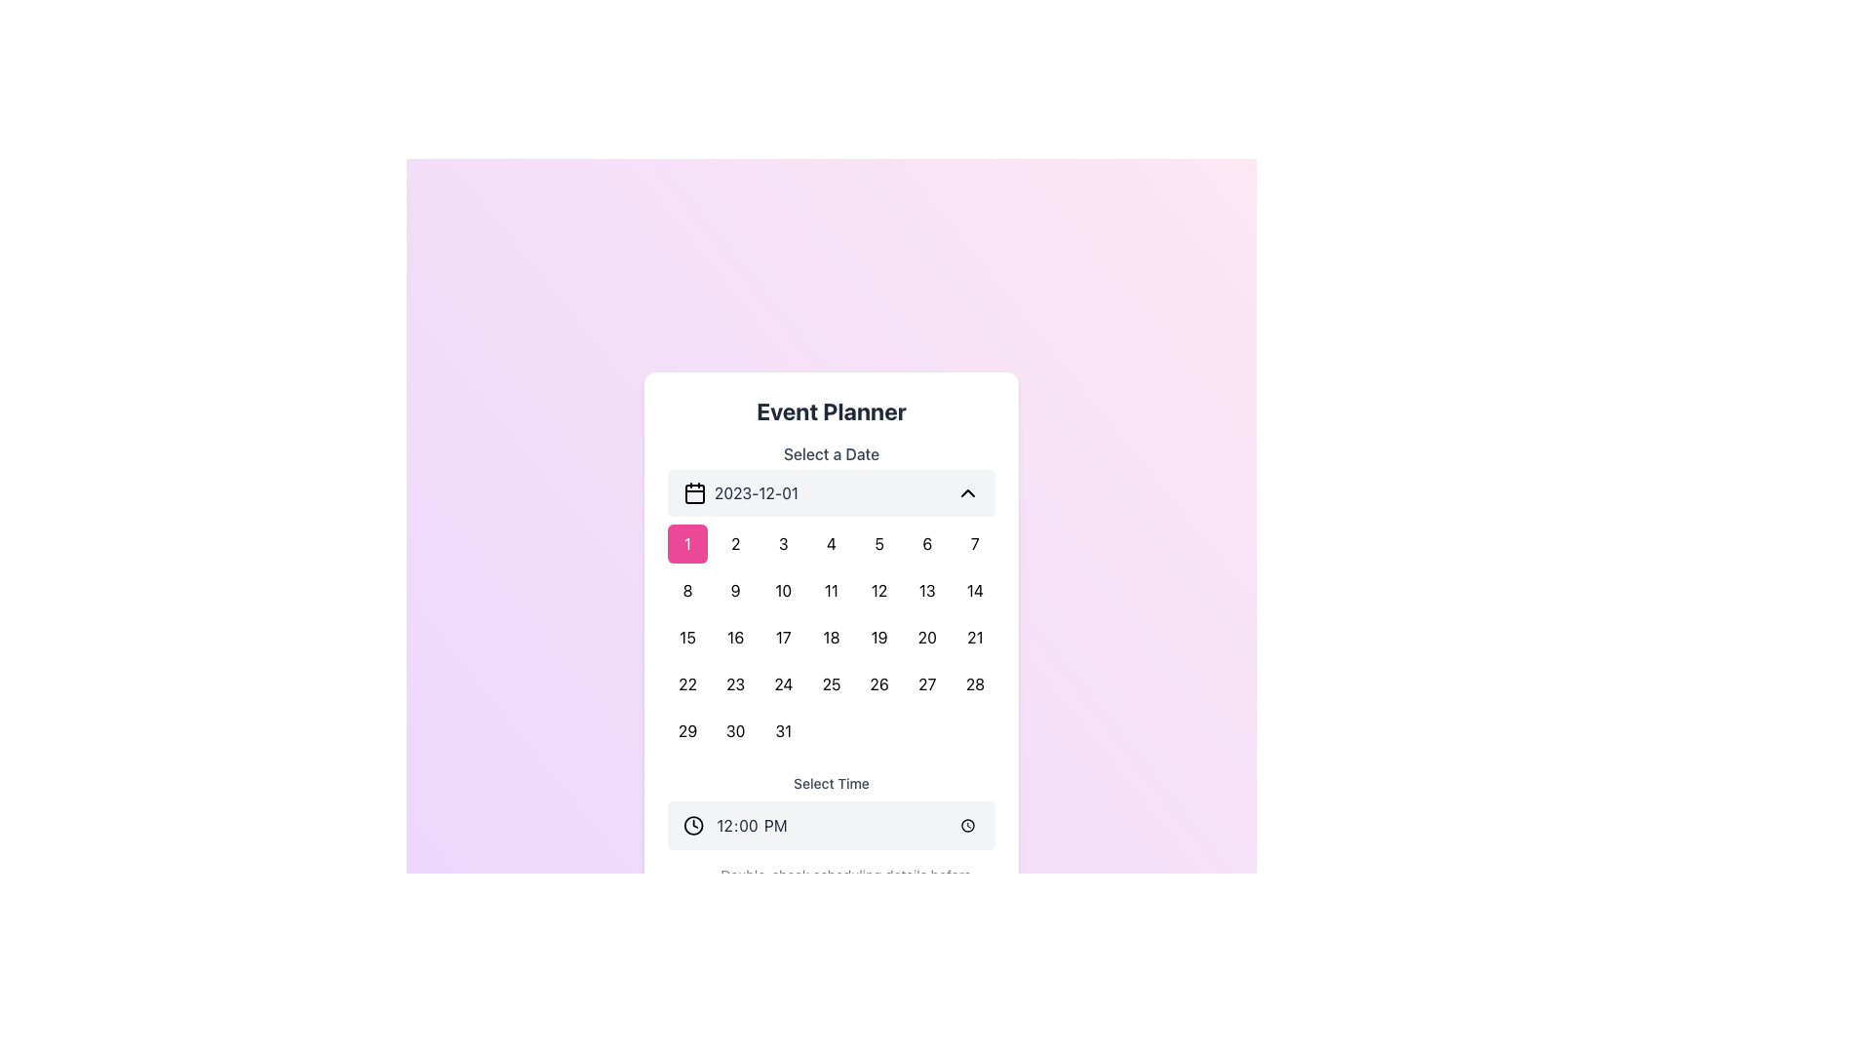 This screenshot has width=1872, height=1053. Describe the element at coordinates (974, 589) in the screenshot. I see `the Button styled calendar date cell representing the 14th day of the month` at that location.